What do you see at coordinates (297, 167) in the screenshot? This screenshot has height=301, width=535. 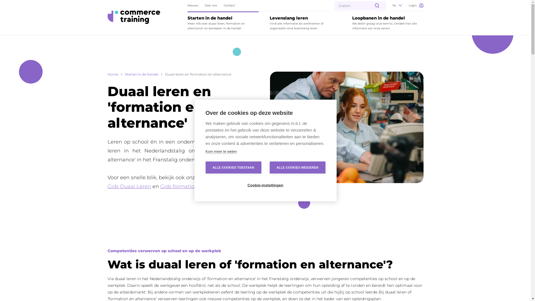 I see `'ALLE COOKIES WEIGEREN'` at bounding box center [297, 167].